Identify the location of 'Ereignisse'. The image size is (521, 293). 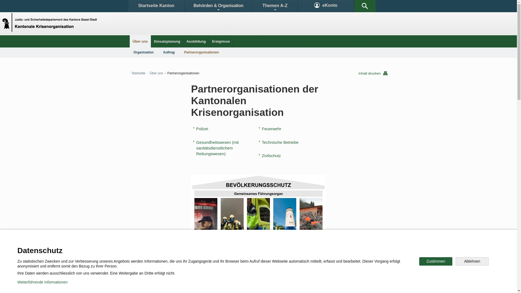
(221, 41).